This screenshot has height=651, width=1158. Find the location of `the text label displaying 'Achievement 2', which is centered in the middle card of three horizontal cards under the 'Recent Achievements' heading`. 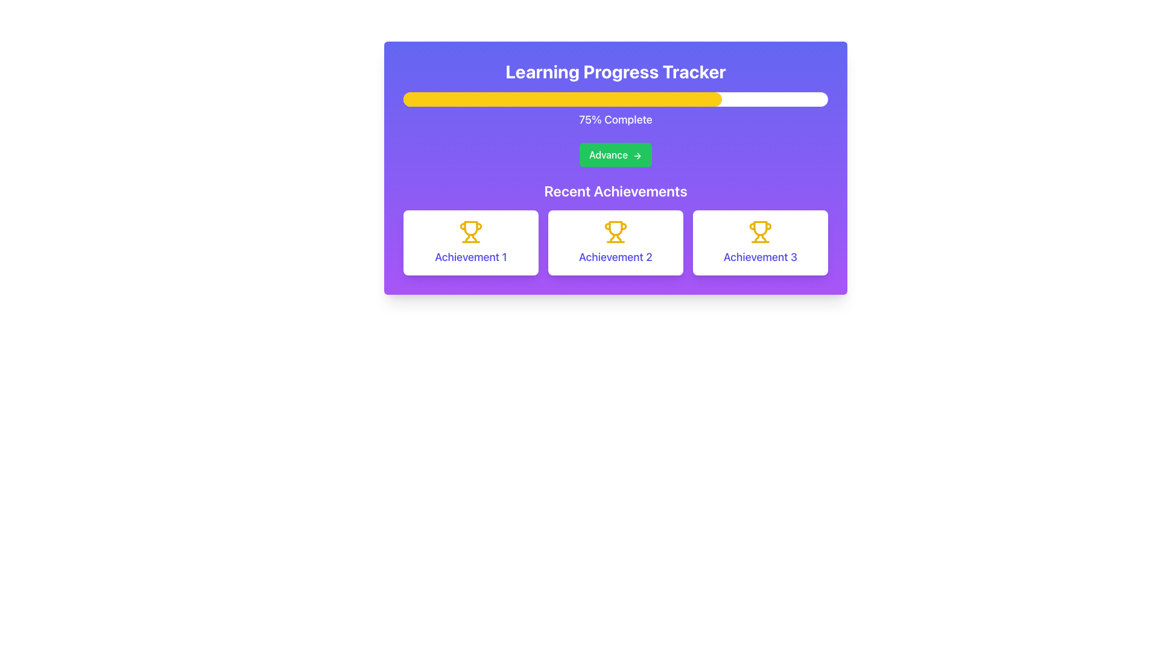

the text label displaying 'Achievement 2', which is centered in the middle card of three horizontal cards under the 'Recent Achievements' heading is located at coordinates (616, 257).